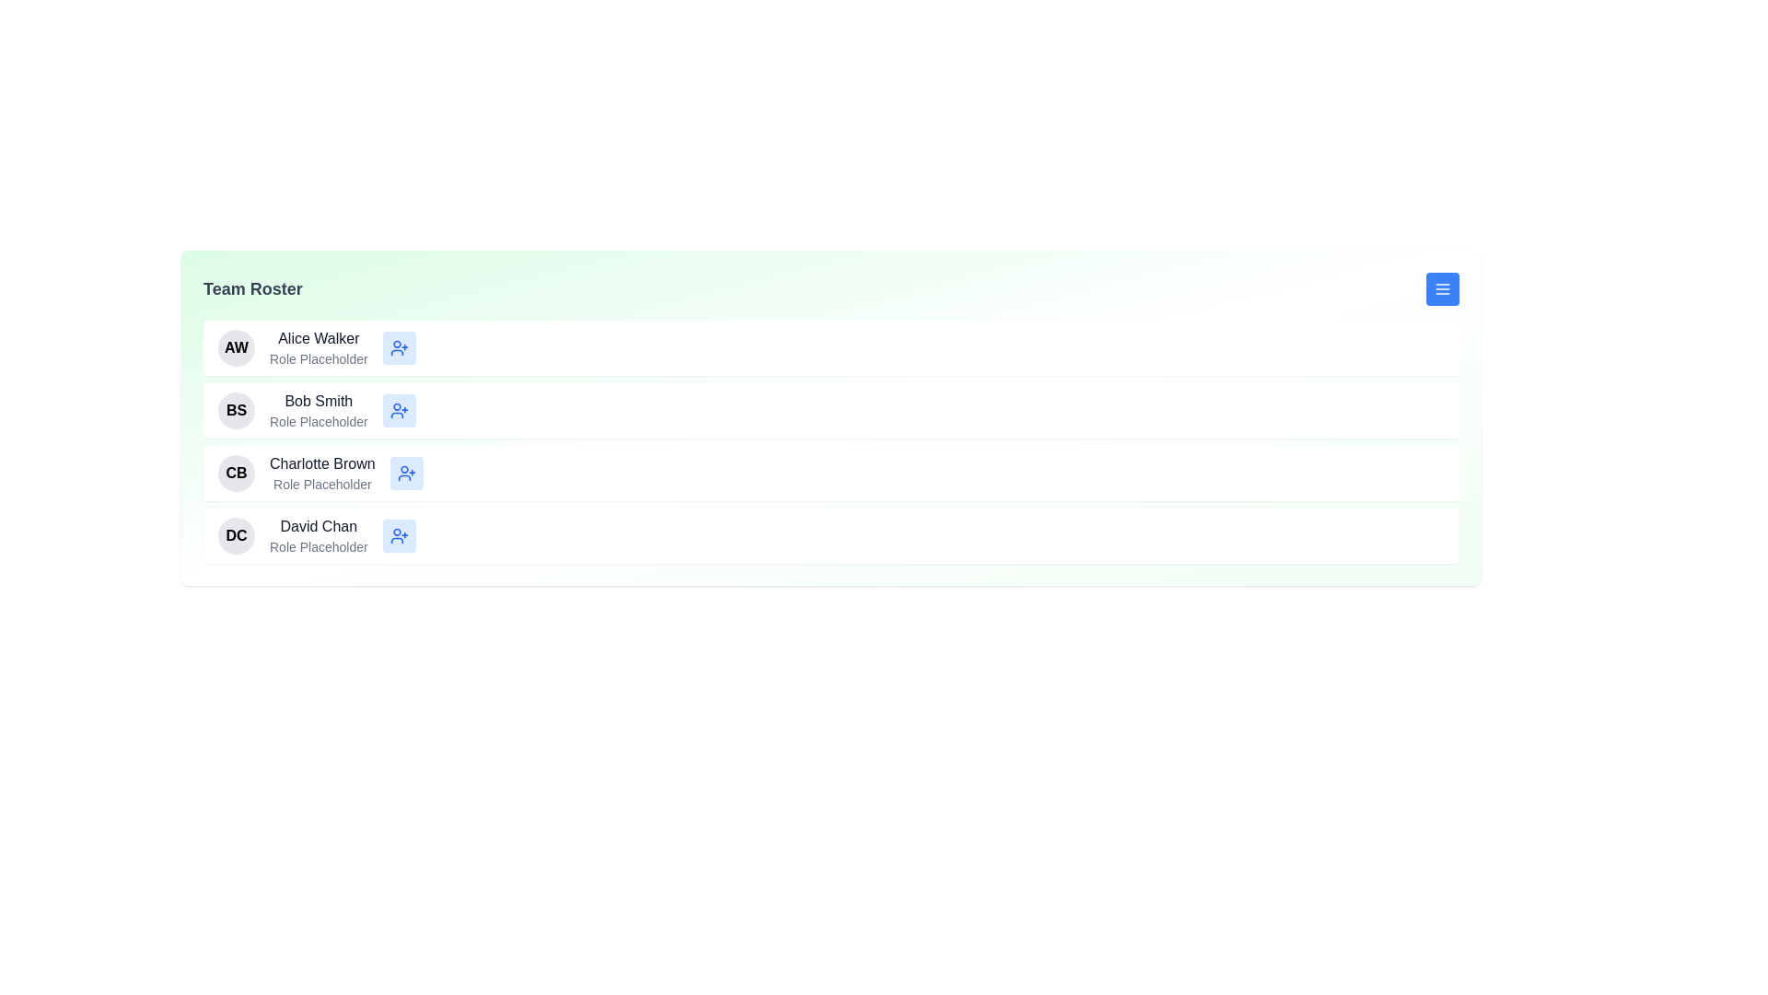 This screenshot has width=1768, height=995. I want to click on the user avatar for 'Charlotte Brown' displaying initials 'CB' in the roster, so click(236, 472).